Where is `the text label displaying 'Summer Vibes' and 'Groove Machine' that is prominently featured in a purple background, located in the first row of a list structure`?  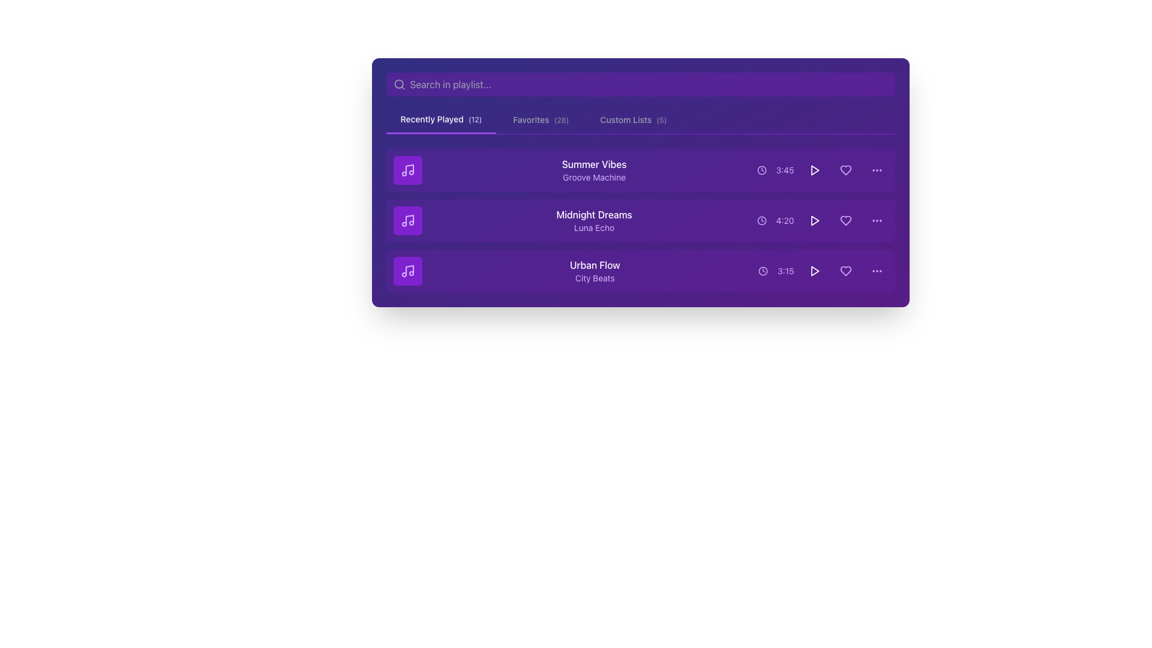
the text label displaying 'Summer Vibes' and 'Groove Machine' that is prominently featured in a purple background, located in the first row of a list structure is located at coordinates (594, 170).